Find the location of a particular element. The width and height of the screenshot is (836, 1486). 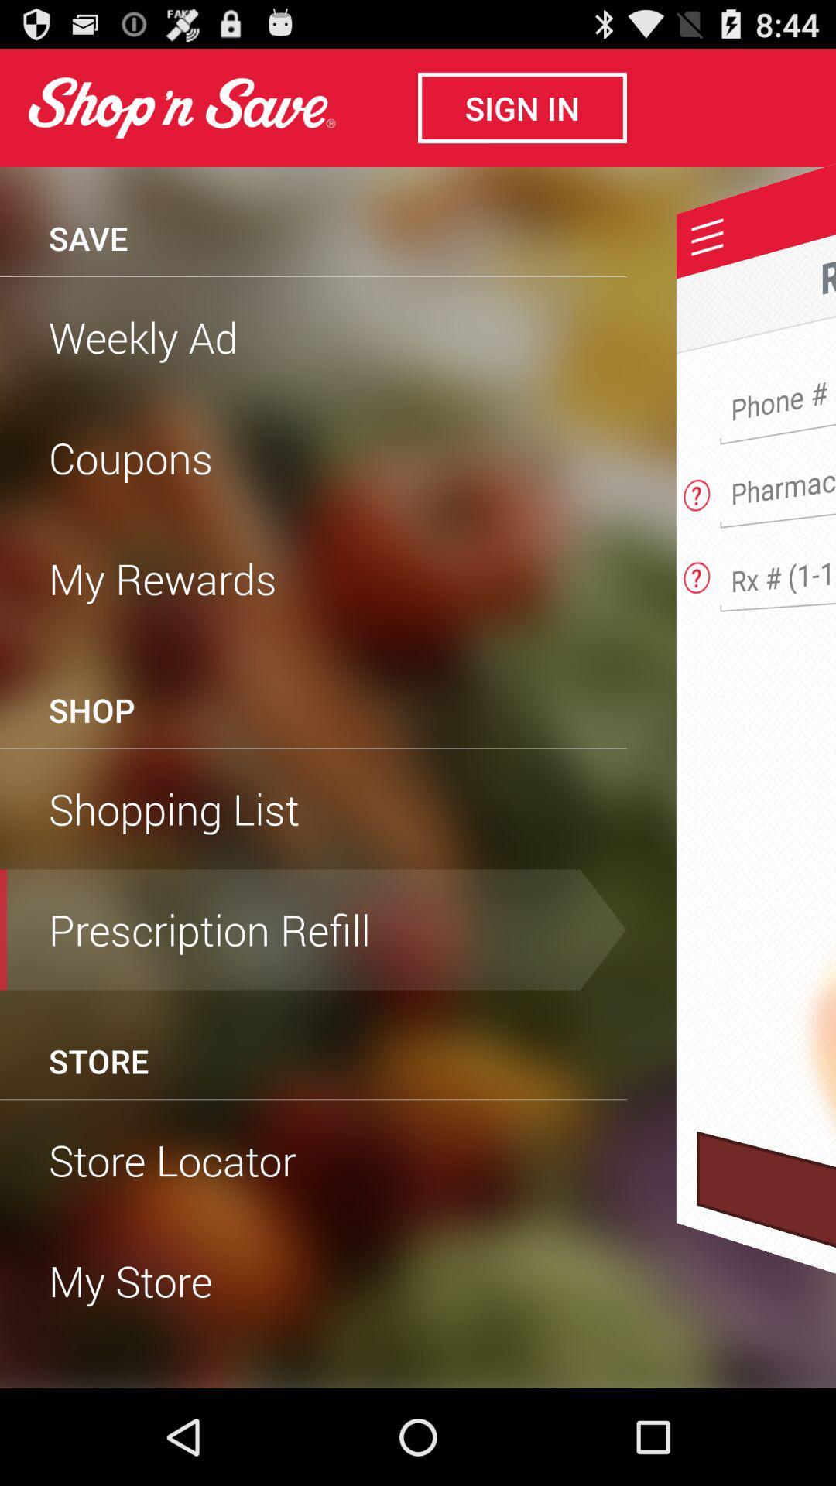

the item above shopping list item is located at coordinates (313, 748).